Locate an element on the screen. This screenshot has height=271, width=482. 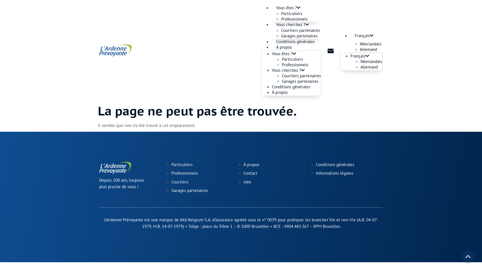
'Garages partenaires' is located at coordinates (299, 35).